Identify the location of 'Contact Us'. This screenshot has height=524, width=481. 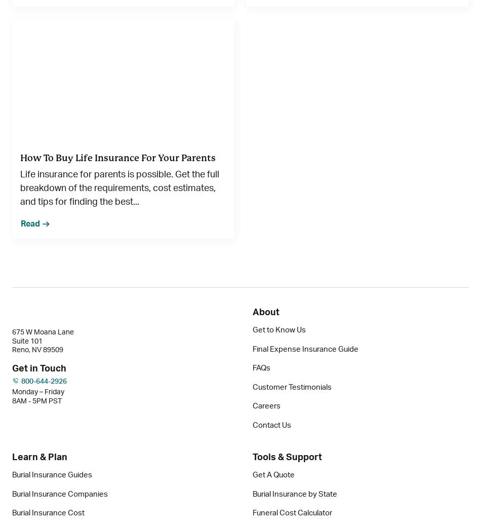
(272, 424).